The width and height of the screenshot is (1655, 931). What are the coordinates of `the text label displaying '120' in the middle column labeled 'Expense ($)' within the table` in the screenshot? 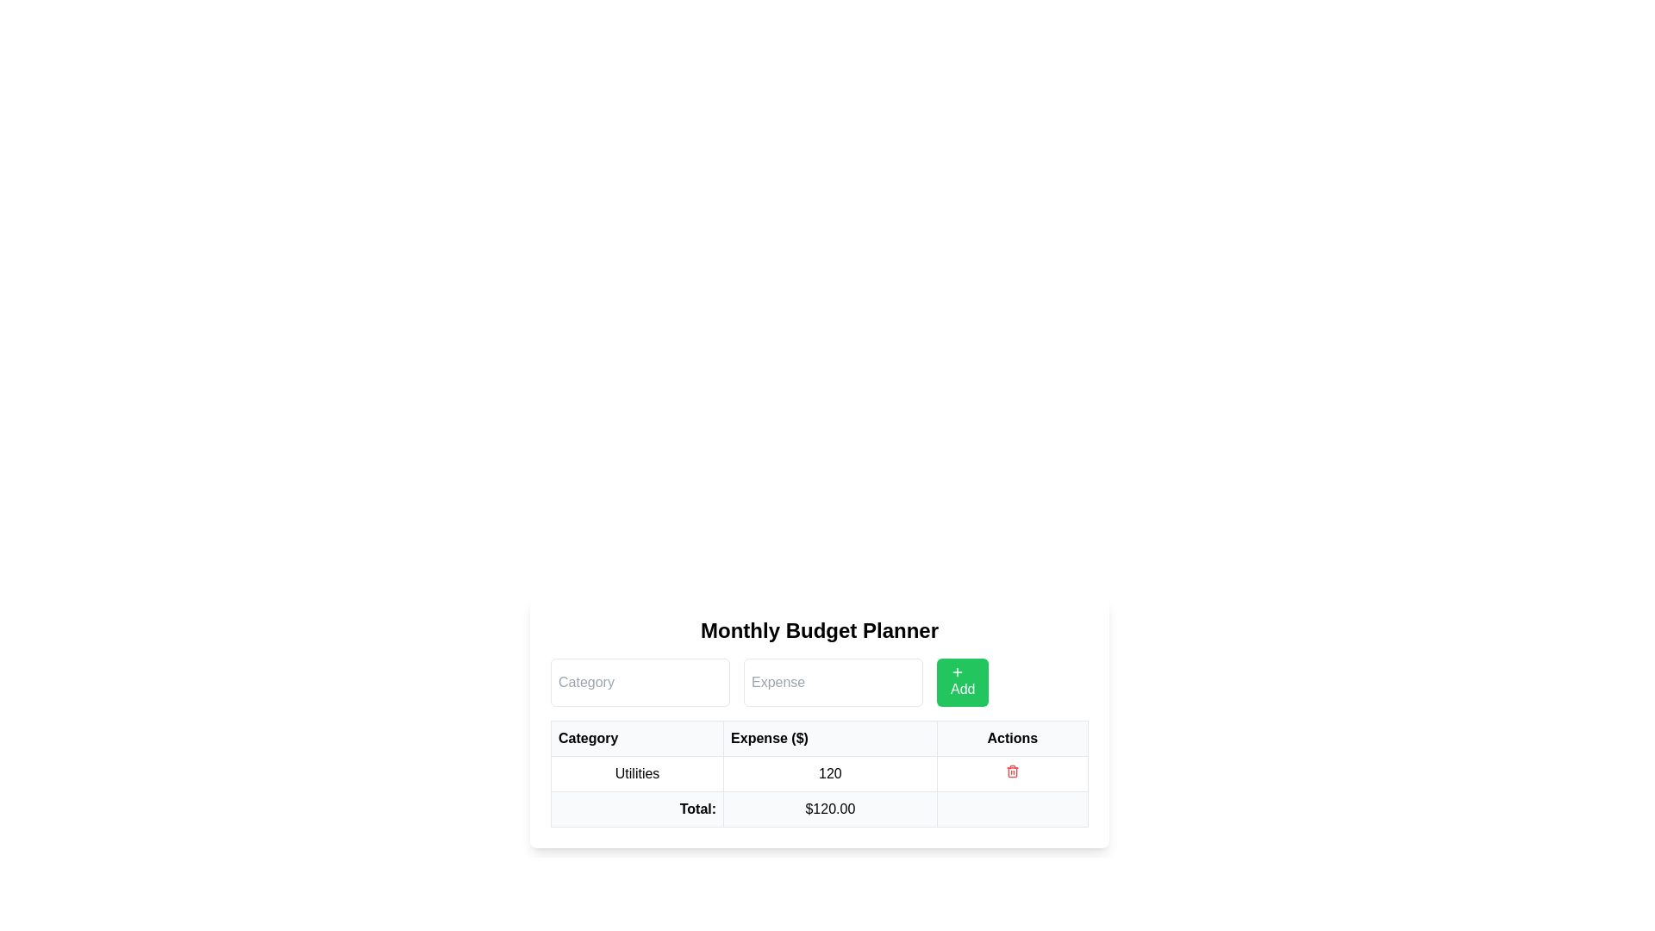 It's located at (830, 773).